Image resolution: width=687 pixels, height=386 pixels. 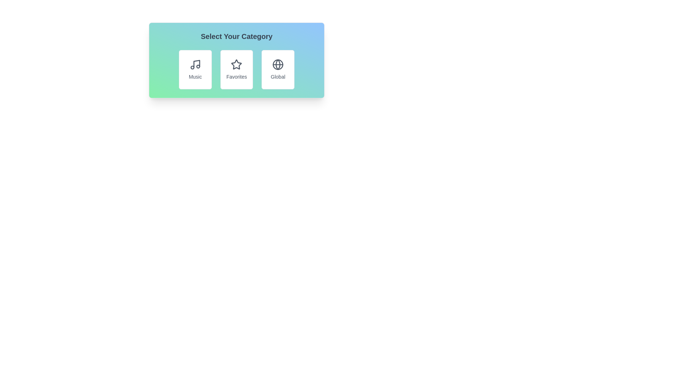 I want to click on the interactive card with a star icon and 'Favorites' text in the second column of the grid layout, so click(x=237, y=70).